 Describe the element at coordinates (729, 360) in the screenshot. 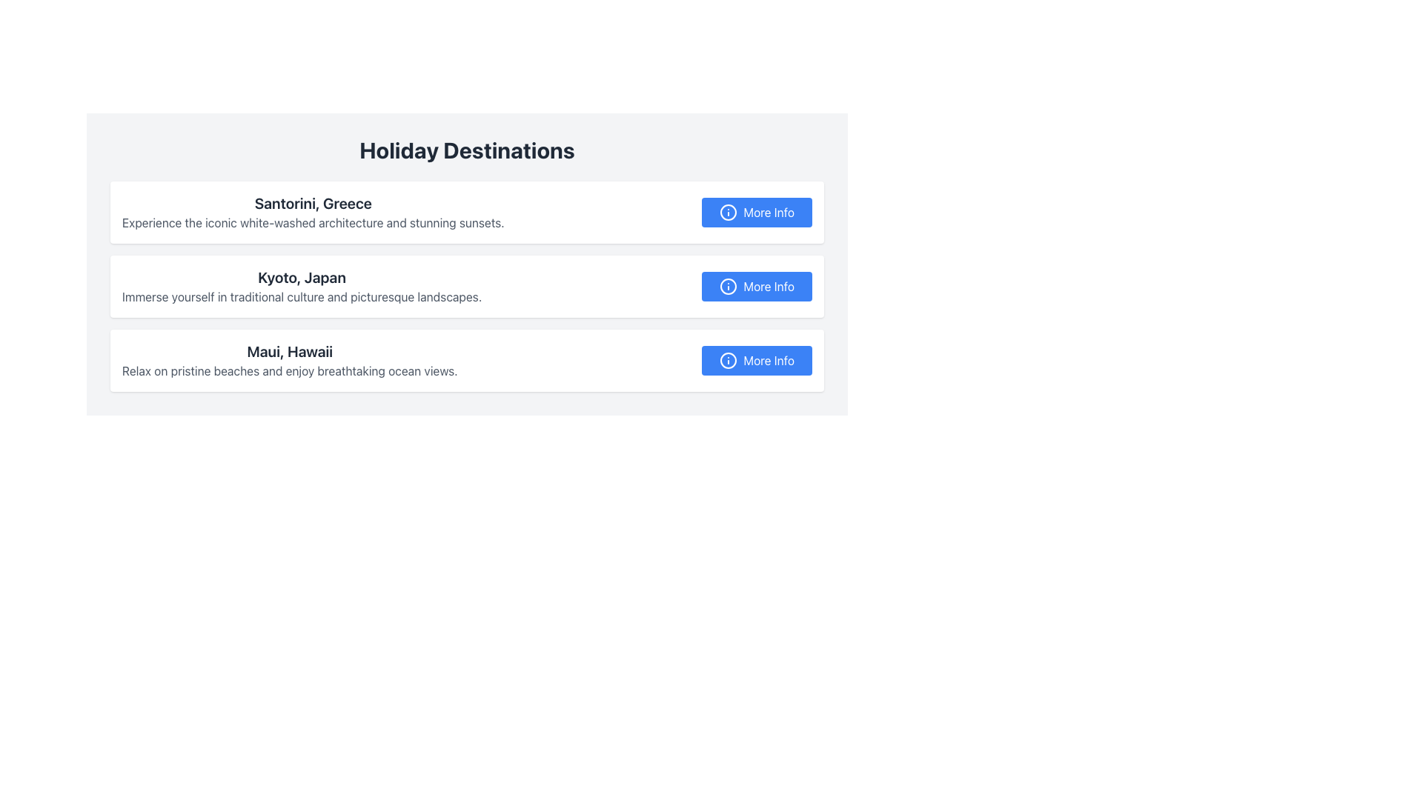

I see `the circular blue and white info icon located to the right of the 'More Info' button for the 'Maui, Hawaii' destination` at that location.